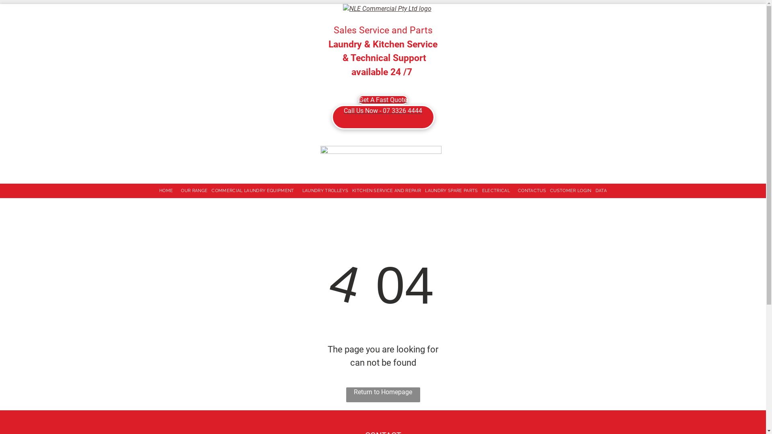  Describe the element at coordinates (532, 191) in the screenshot. I see `'CONTACTUS'` at that location.